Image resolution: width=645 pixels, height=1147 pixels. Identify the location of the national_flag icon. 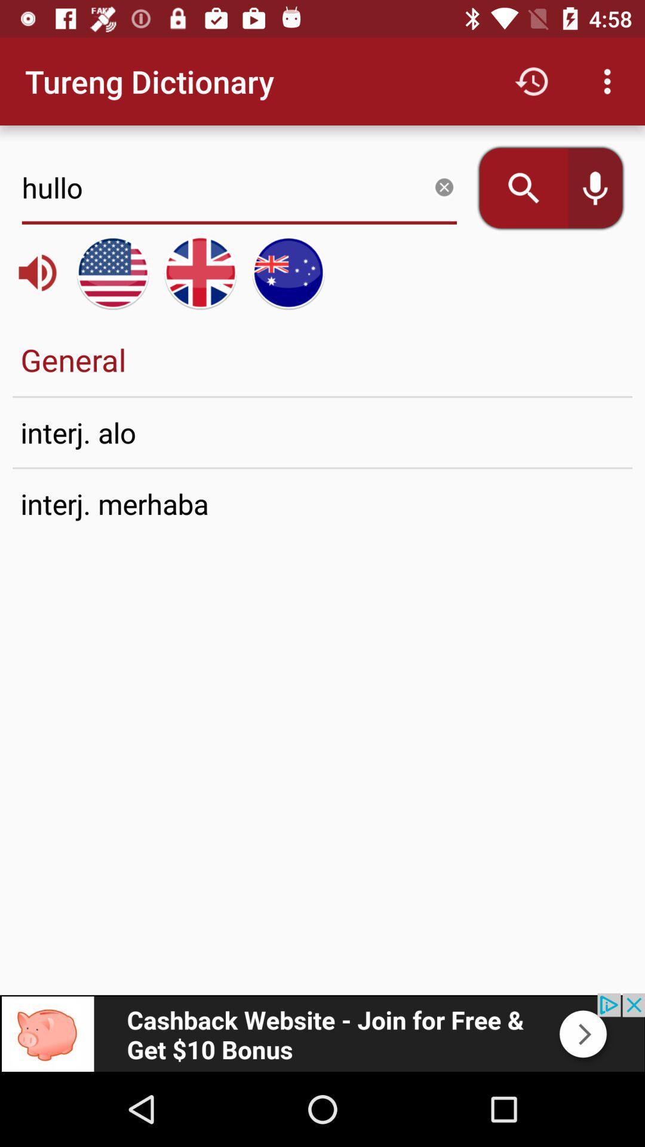
(113, 272).